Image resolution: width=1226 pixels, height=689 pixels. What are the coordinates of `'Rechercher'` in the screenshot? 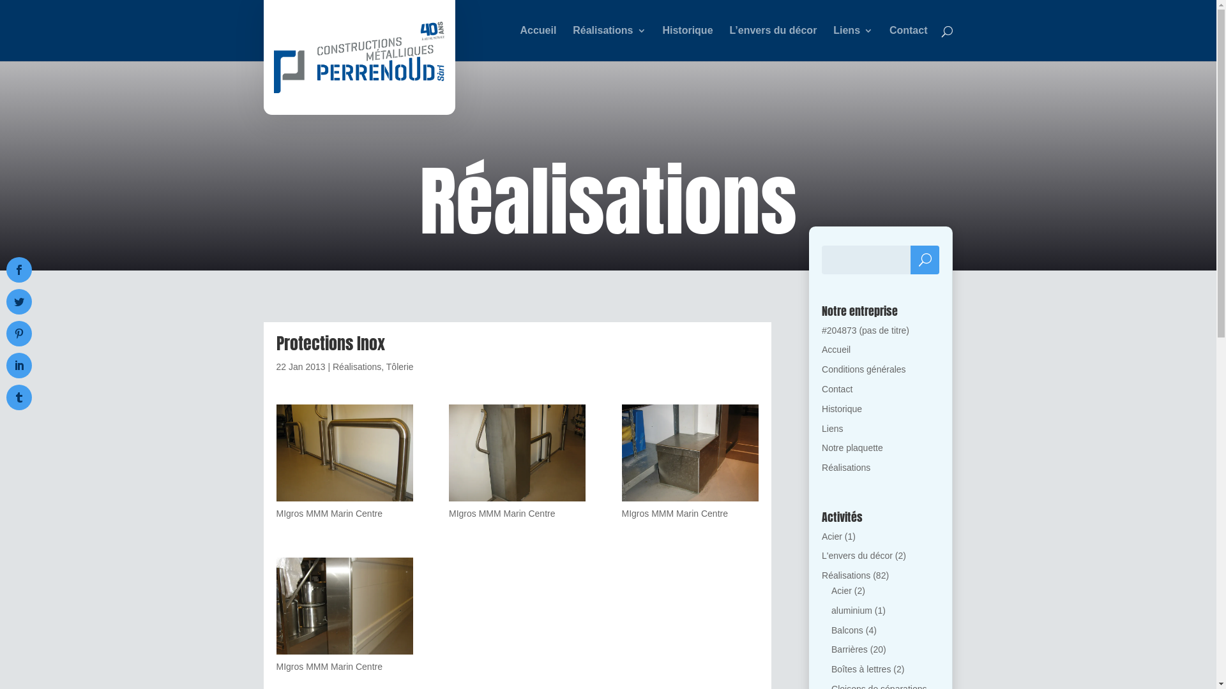 It's located at (909, 259).